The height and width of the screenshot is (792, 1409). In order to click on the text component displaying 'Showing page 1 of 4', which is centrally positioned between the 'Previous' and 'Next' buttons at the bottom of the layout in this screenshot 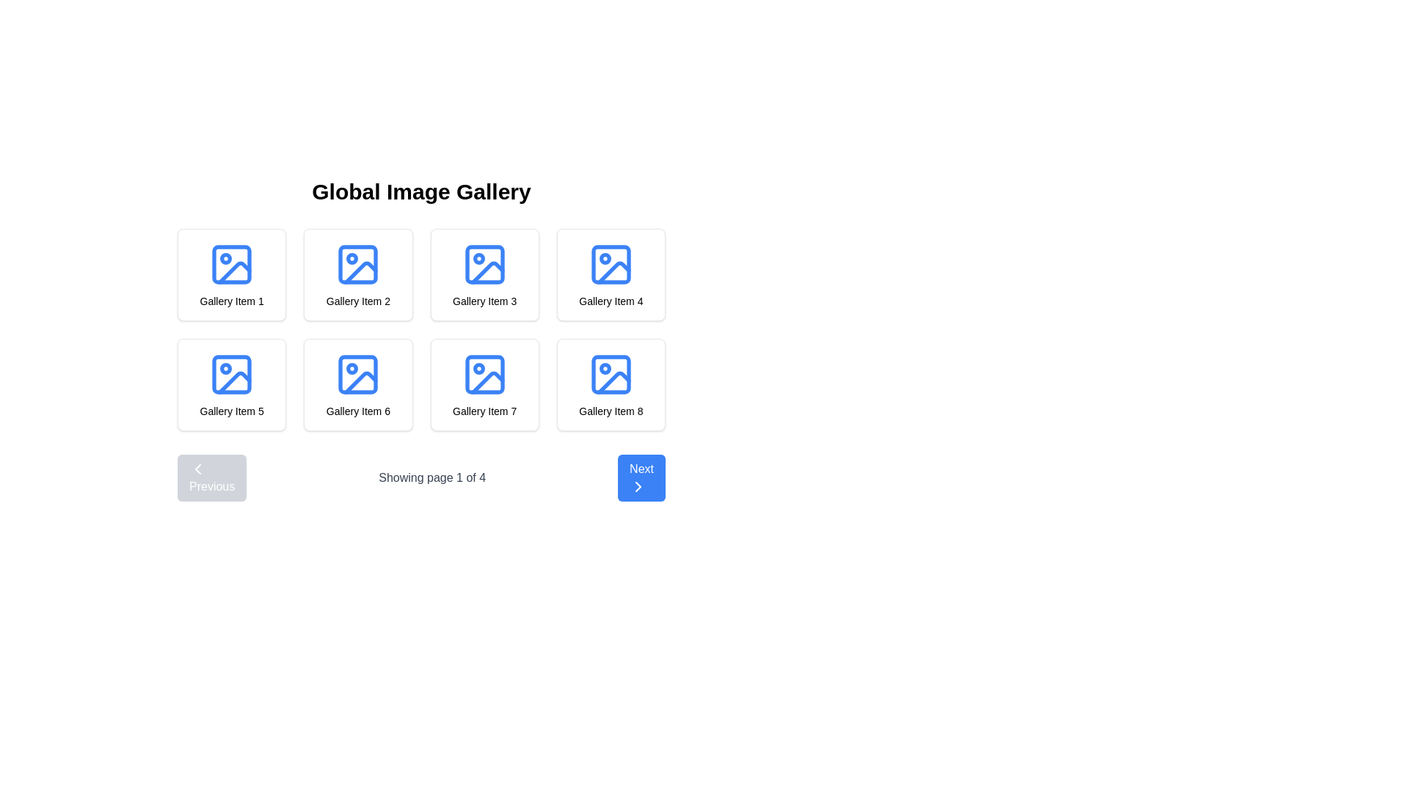, I will do `click(420, 477)`.